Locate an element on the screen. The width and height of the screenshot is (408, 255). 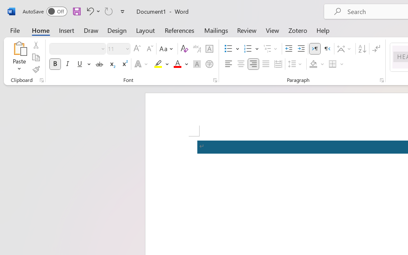
'Repeat TCSCTranslate' is located at coordinates (109, 11).